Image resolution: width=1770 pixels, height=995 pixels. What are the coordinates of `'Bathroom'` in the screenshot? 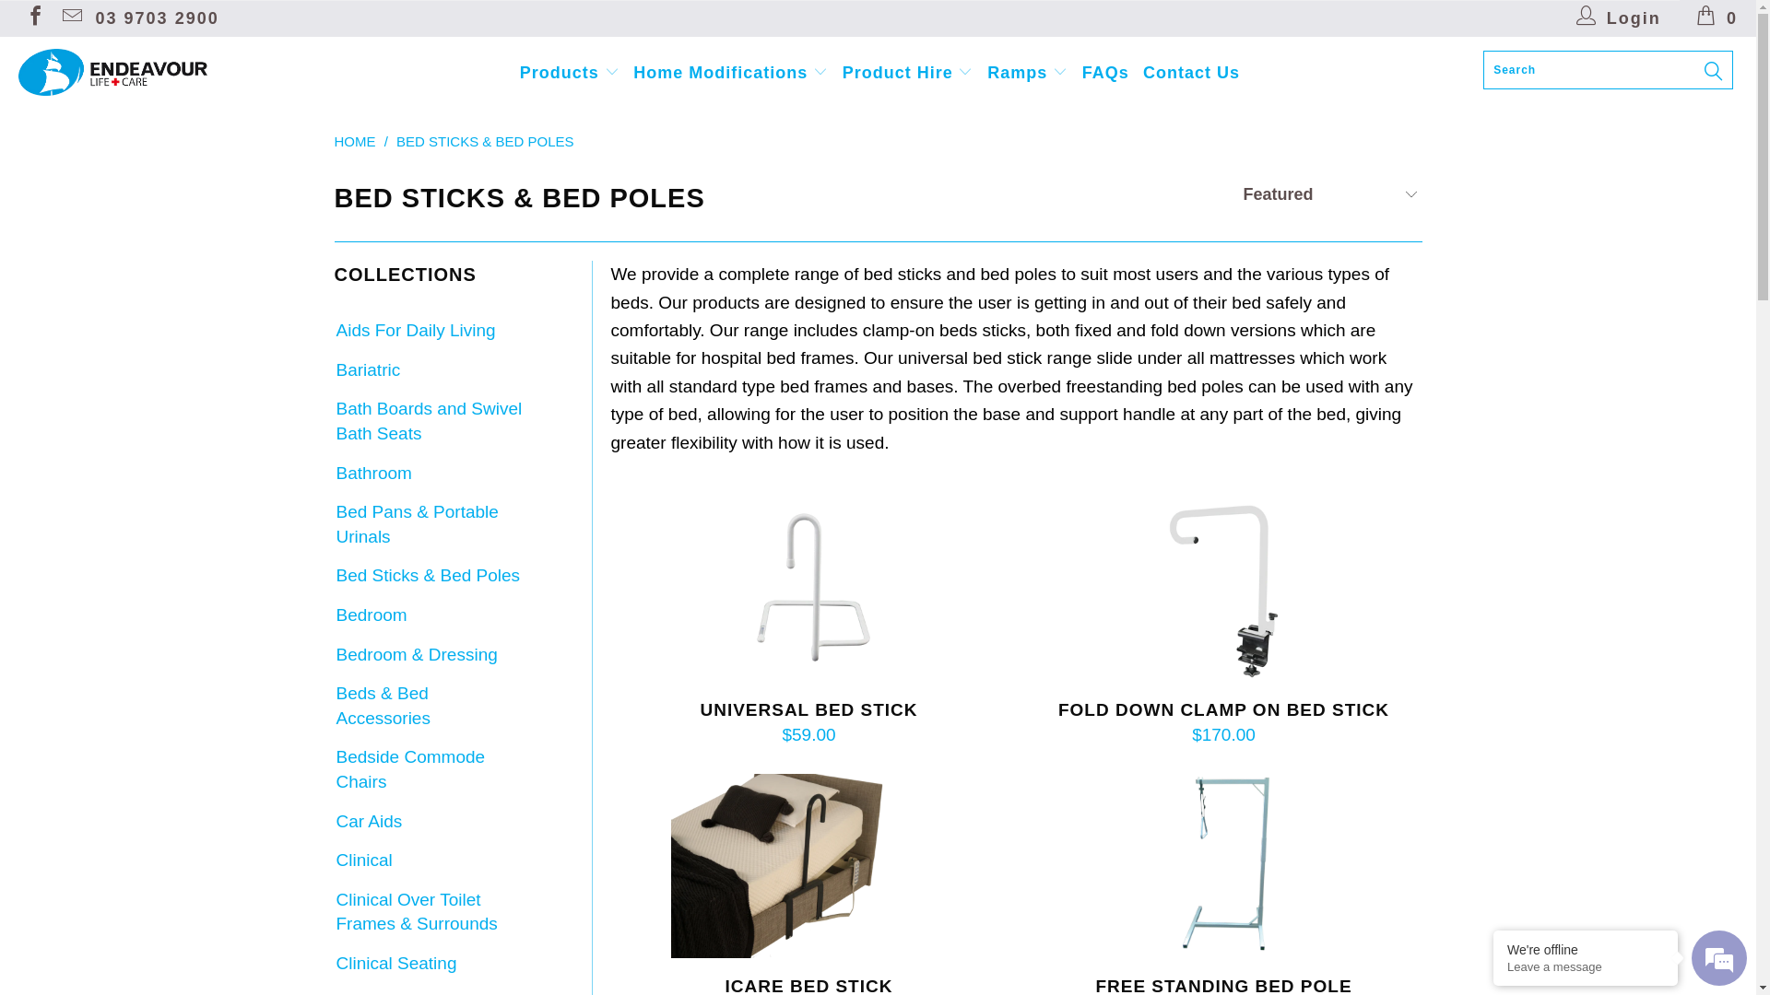 It's located at (371, 473).